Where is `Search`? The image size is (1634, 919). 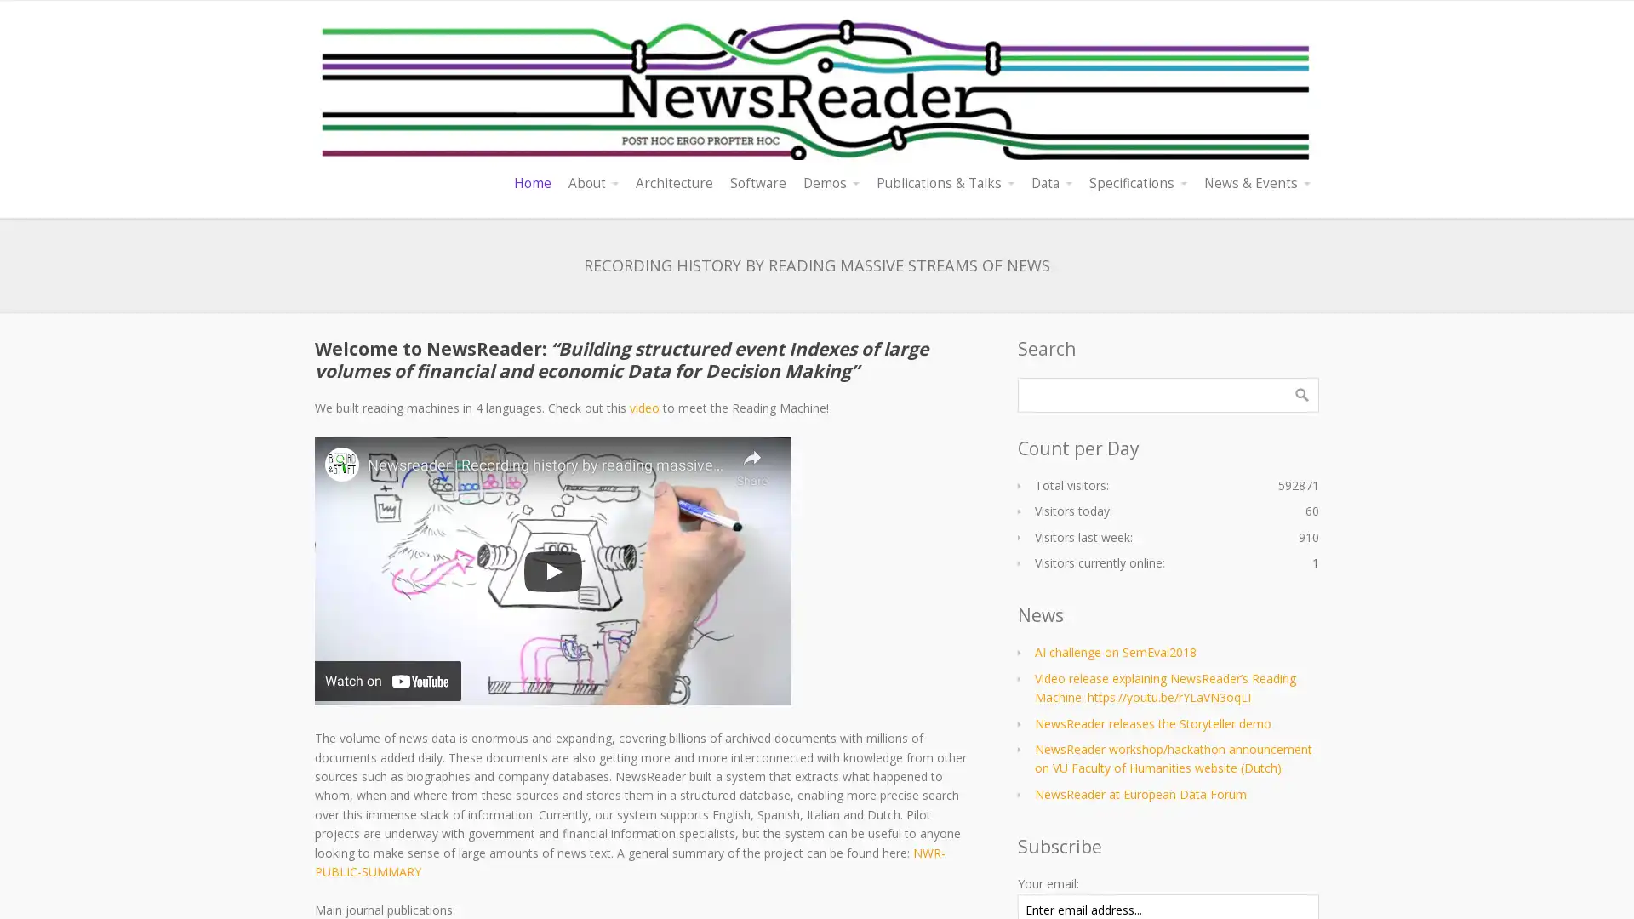
Search is located at coordinates (1300, 394).